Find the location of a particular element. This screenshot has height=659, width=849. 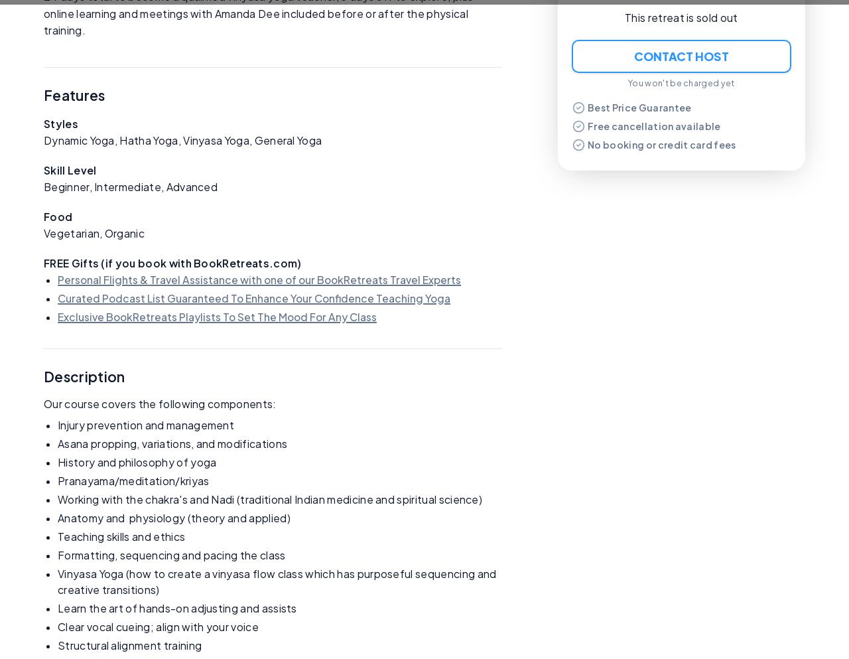

'Personal Flights & Travel Assistance with one of our BookRetreats Travel Experts' is located at coordinates (259, 278).